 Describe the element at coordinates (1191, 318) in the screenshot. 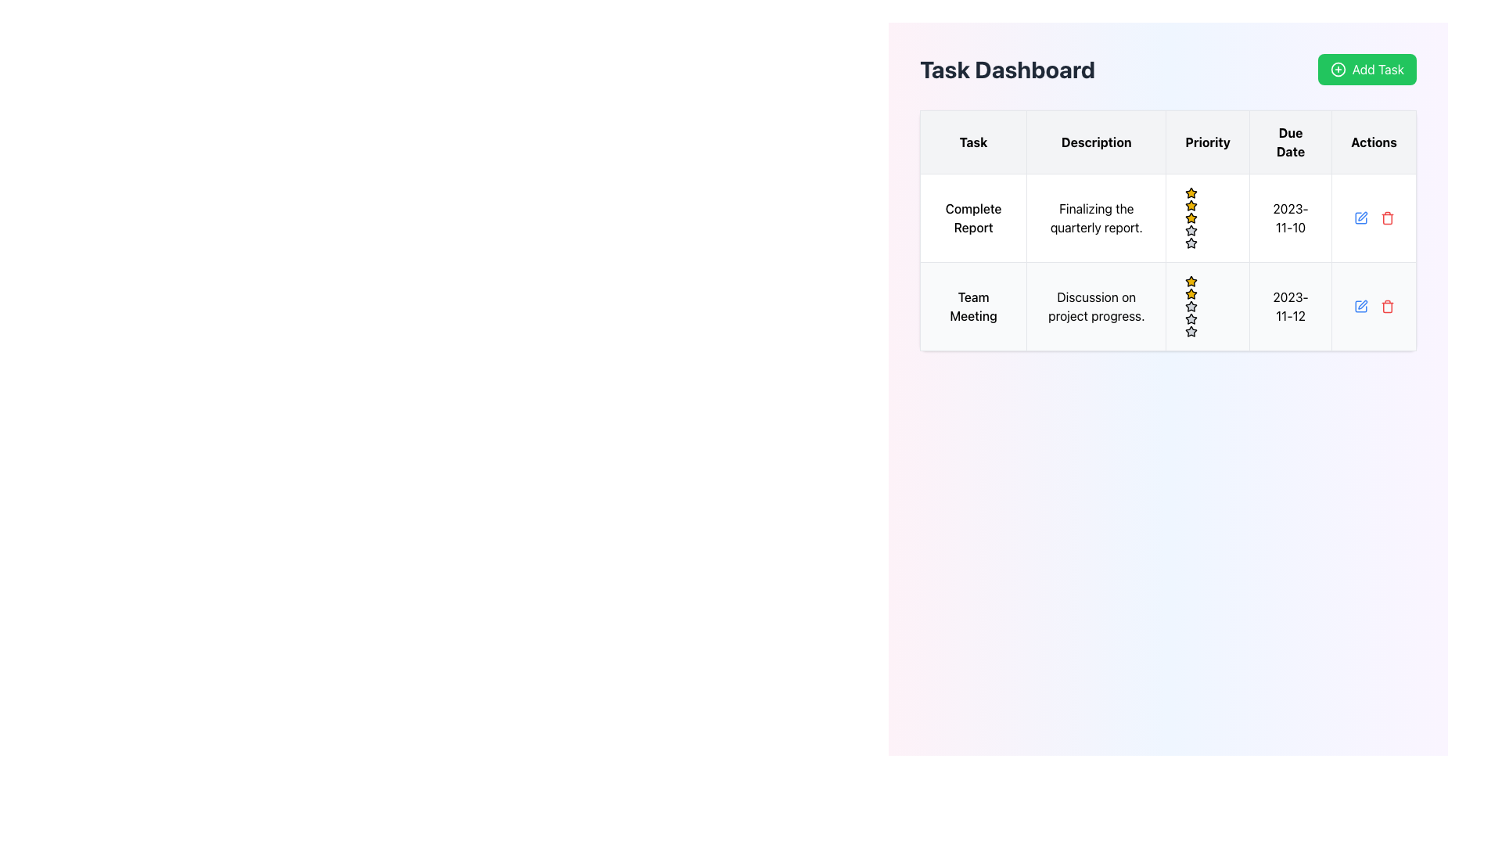

I see `the sixth star icon in the rating component of the 'Priority' column in the 'Team Meeting' row of the 'Task Dashboard', which is currently inactive and outlined` at that location.